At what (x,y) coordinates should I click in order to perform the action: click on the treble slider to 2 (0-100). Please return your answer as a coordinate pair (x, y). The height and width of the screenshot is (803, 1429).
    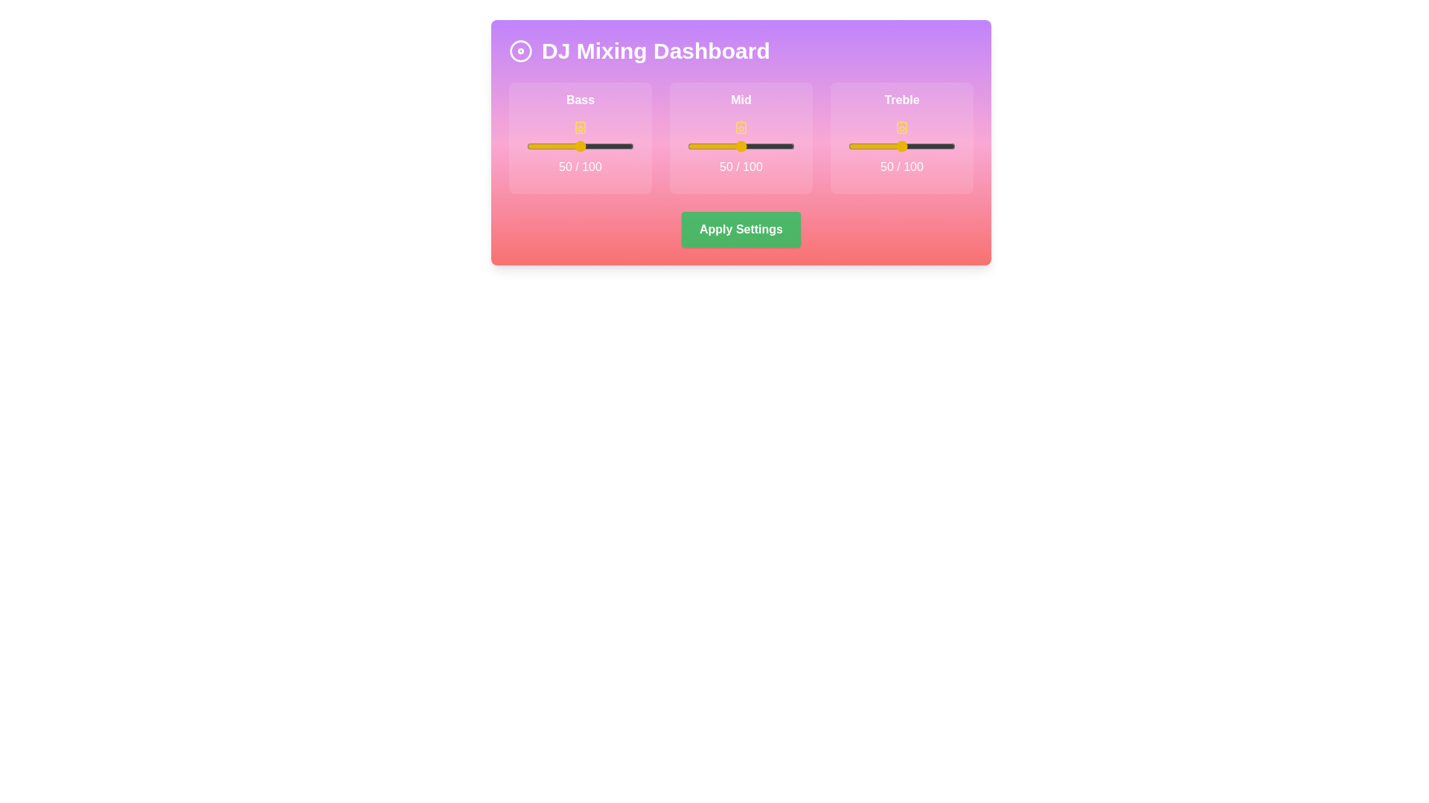
    Looking at the image, I should click on (850, 146).